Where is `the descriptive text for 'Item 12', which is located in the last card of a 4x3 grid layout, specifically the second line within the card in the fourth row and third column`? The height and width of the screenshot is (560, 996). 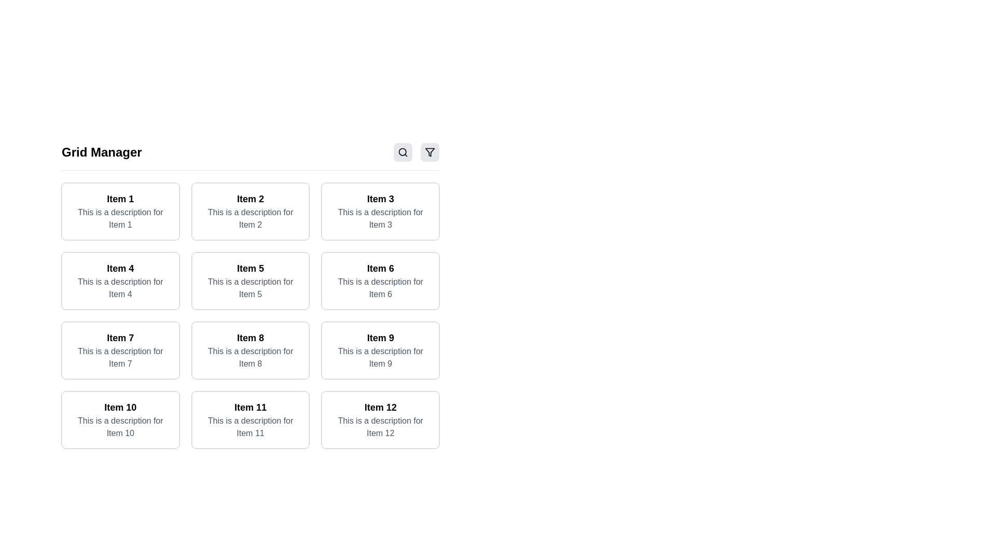 the descriptive text for 'Item 12', which is located in the last card of a 4x3 grid layout, specifically the second line within the card in the fourth row and third column is located at coordinates (380, 427).